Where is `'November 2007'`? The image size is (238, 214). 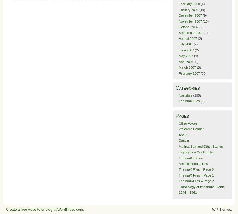 'November 2007' is located at coordinates (190, 21).